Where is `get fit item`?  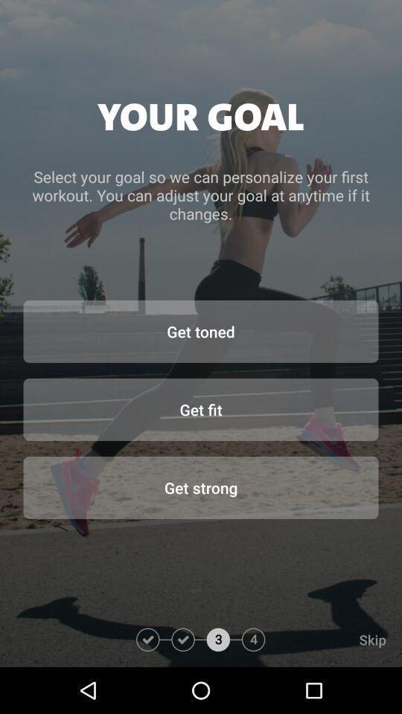
get fit item is located at coordinates (201, 409).